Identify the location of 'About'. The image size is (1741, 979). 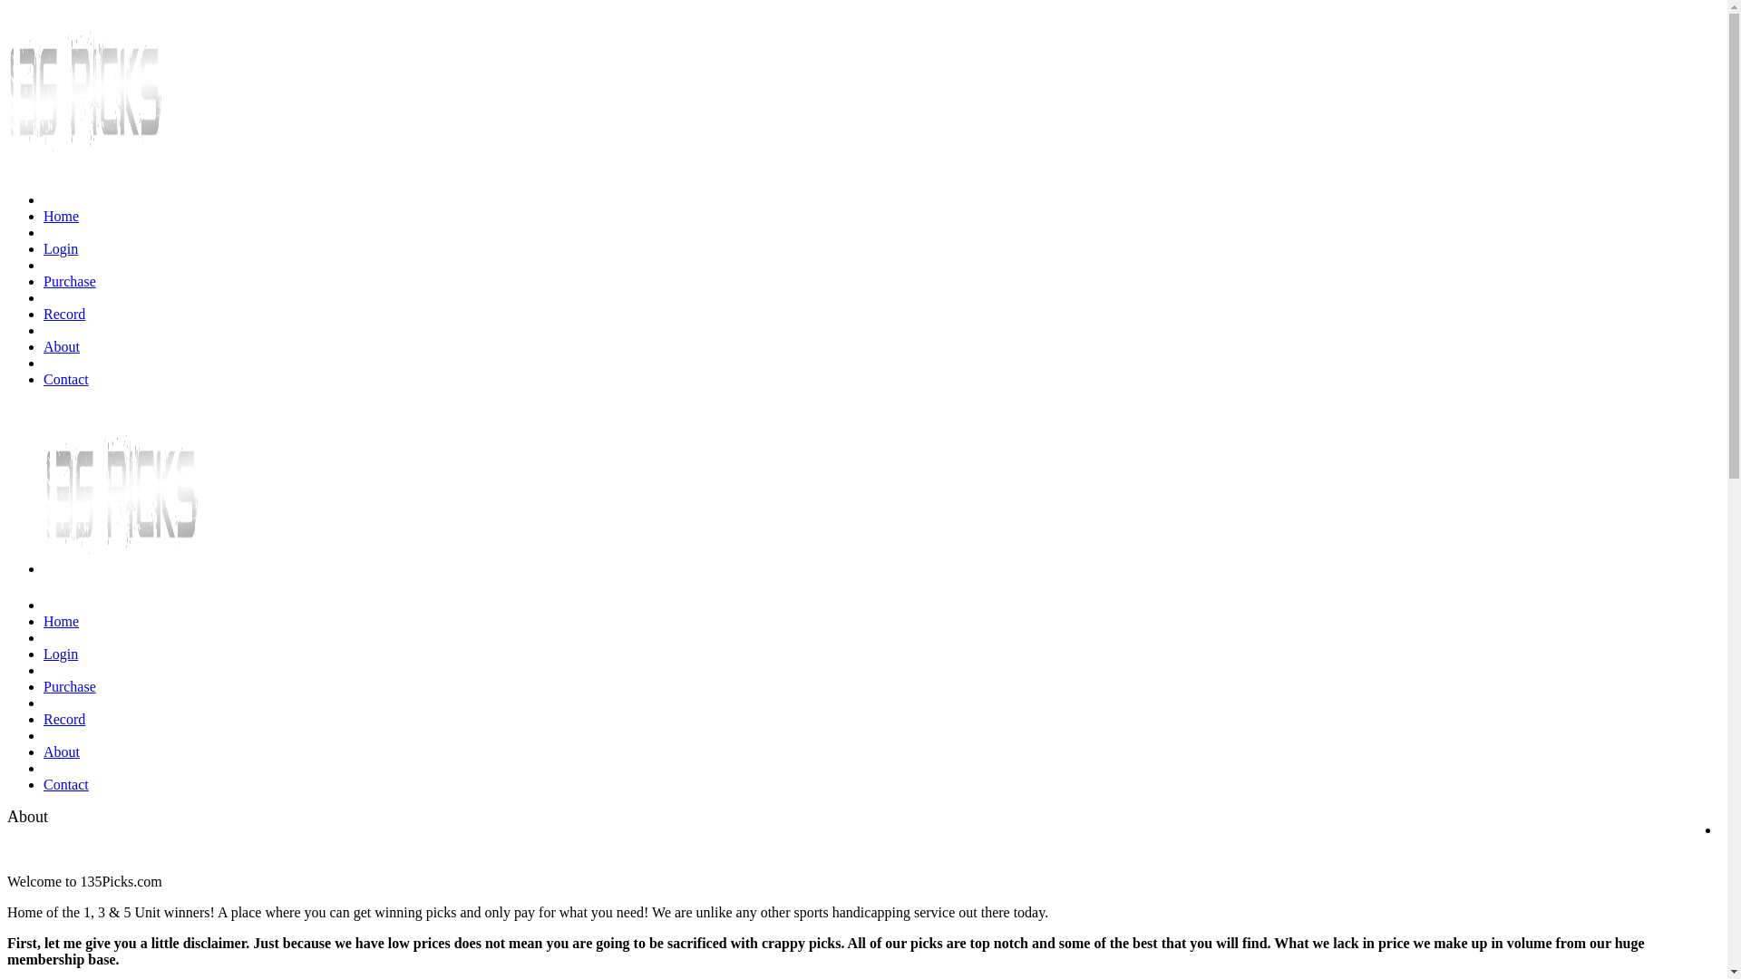
(61, 346).